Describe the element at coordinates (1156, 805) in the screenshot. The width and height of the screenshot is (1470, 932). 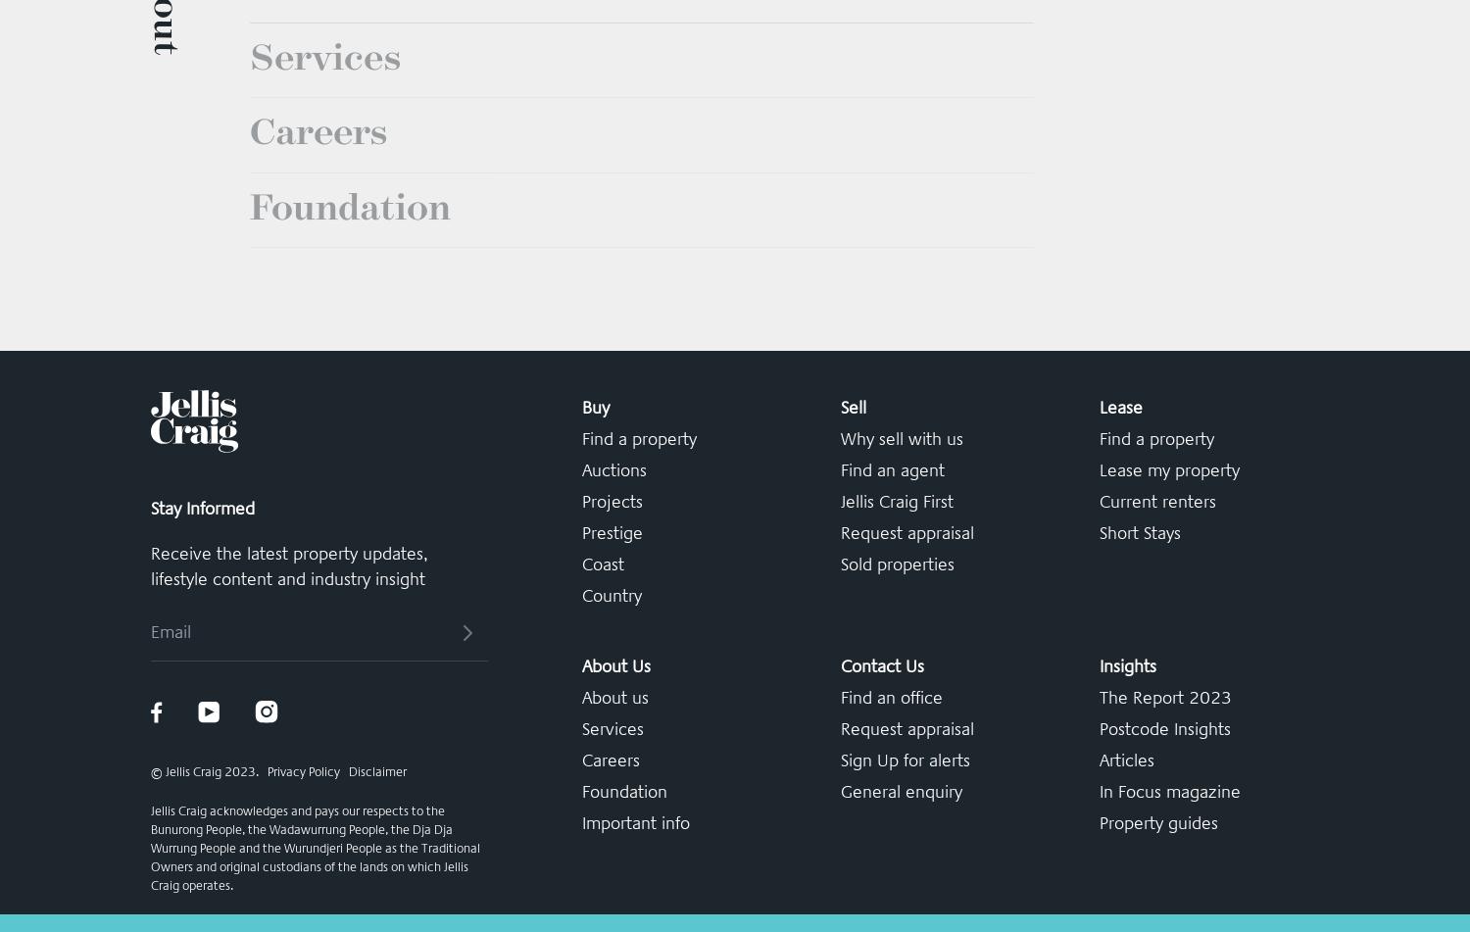
I see `'Current renters'` at that location.